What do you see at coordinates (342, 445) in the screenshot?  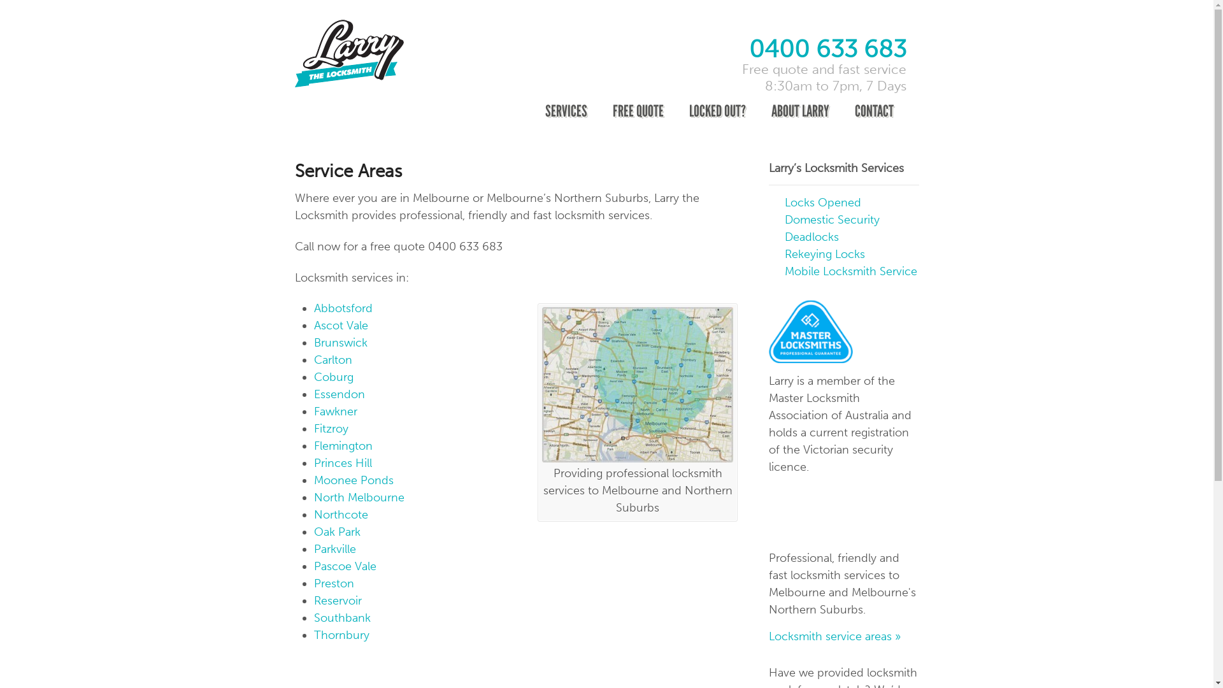 I see `'Flemington'` at bounding box center [342, 445].